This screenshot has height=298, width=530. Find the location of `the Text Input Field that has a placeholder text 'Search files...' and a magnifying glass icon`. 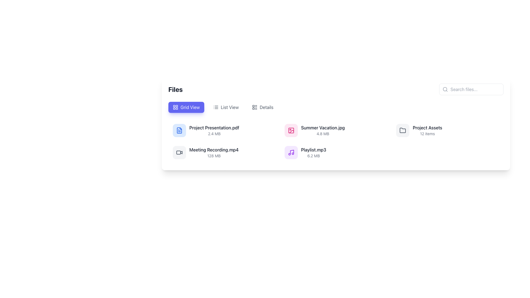

the Text Input Field that has a placeholder text 'Search files...' and a magnifying glass icon is located at coordinates (471, 89).